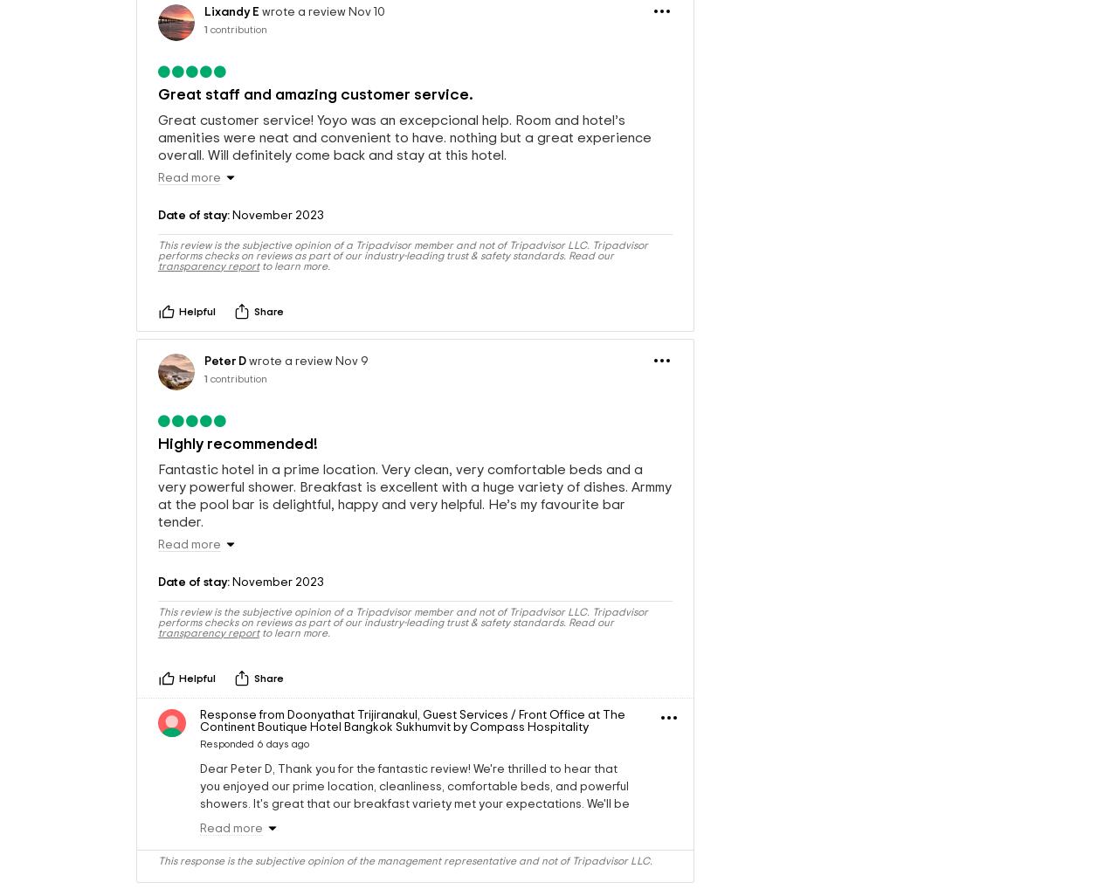 The height and width of the screenshot is (889, 1118). I want to click on 'Lixandy E', so click(231, 59).